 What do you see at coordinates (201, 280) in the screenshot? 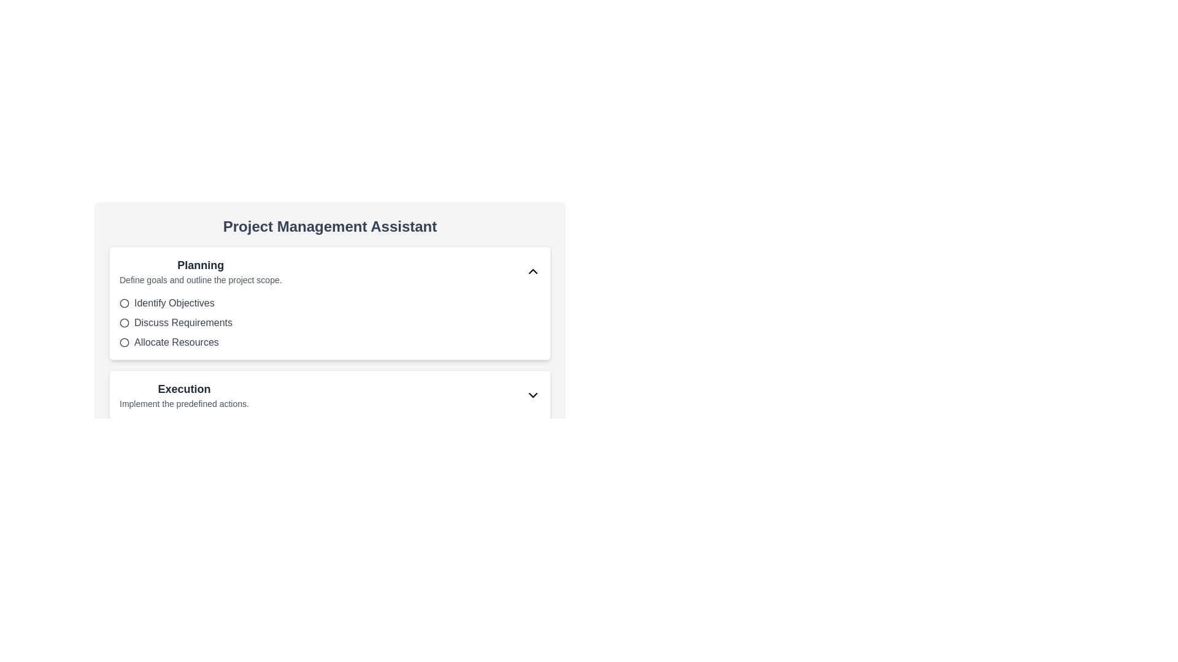
I see `the descriptive text label located in the 'Planning' section, which provides an overview related to defining goals and outlining the project scope` at bounding box center [201, 280].